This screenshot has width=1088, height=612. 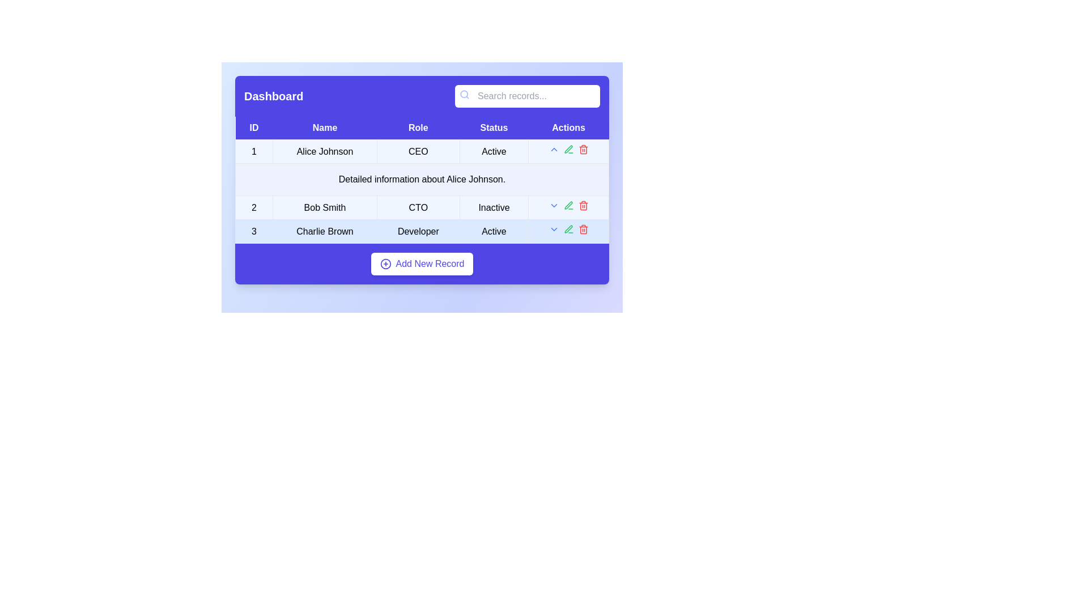 I want to click on the text label that serves as a unique identifier for the associated row, located in the first cell of the second row under the 'ID' column, so click(x=253, y=207).